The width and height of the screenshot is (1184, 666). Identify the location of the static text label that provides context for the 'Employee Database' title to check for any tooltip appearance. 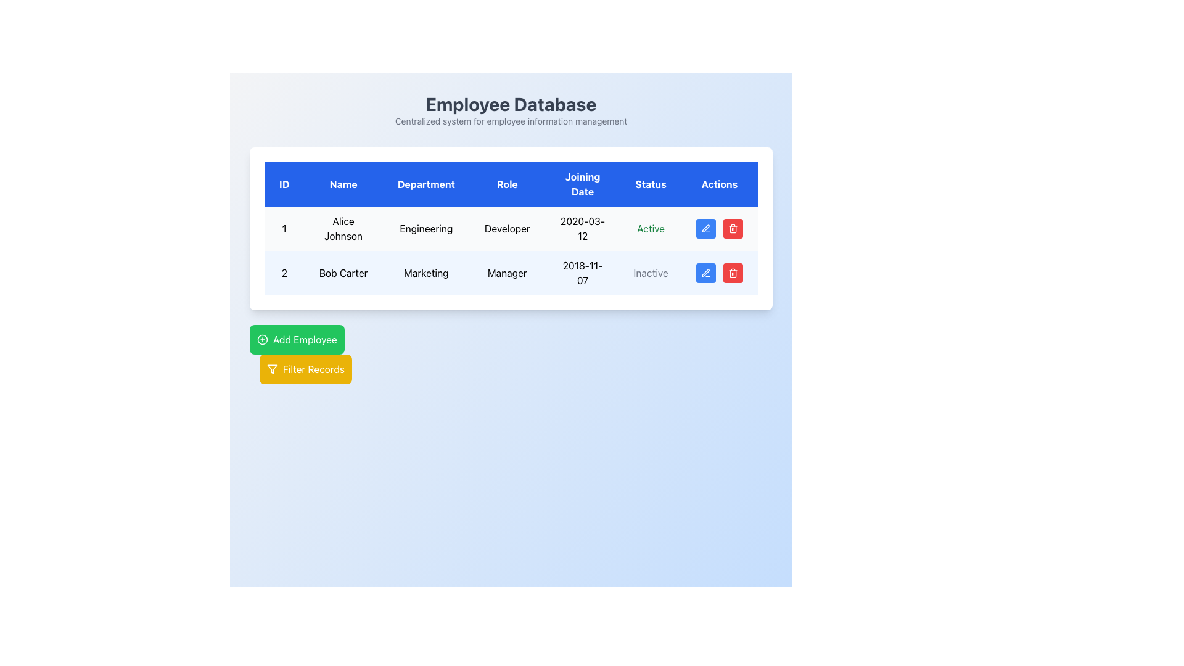
(511, 121).